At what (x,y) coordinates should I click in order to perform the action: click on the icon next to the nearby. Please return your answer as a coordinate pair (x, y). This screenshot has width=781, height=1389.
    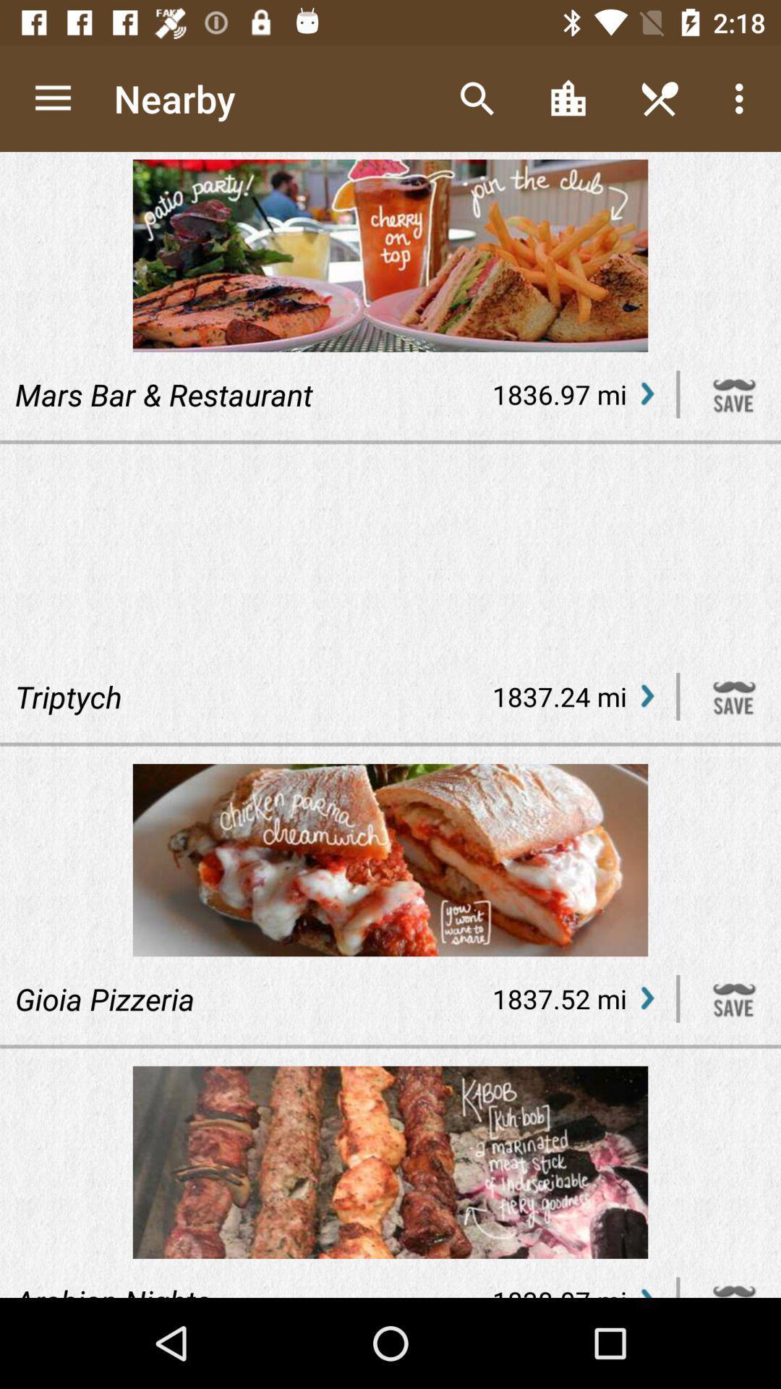
    Looking at the image, I should click on (477, 98).